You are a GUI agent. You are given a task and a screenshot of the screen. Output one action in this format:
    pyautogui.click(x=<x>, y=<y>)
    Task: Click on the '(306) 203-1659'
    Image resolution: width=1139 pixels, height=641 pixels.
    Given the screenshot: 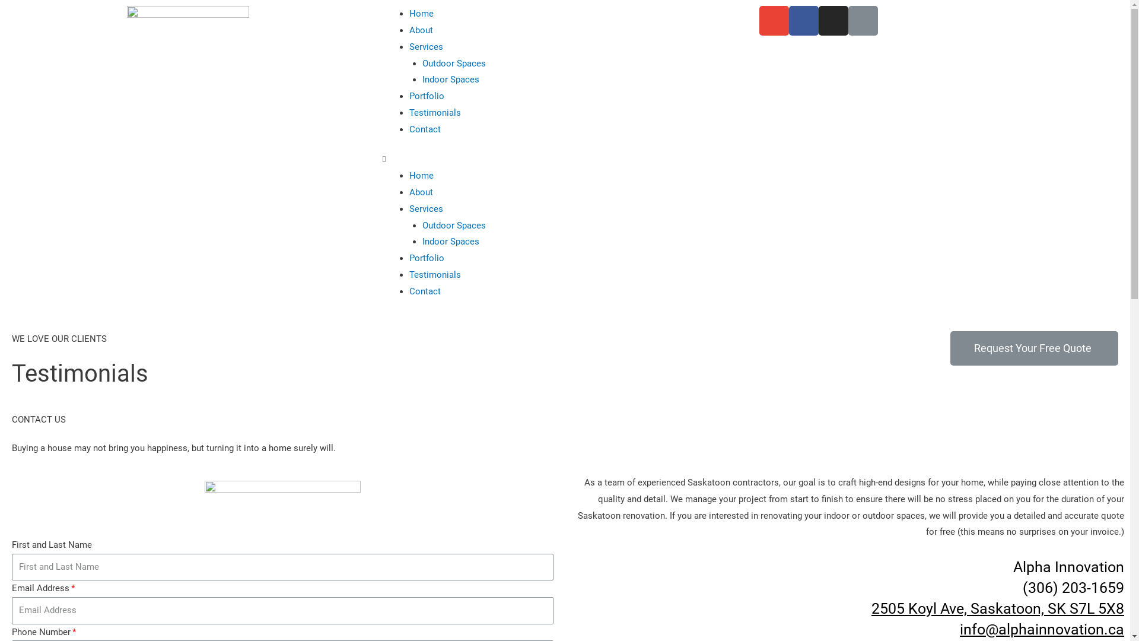 What is the action you would take?
    pyautogui.click(x=1073, y=588)
    